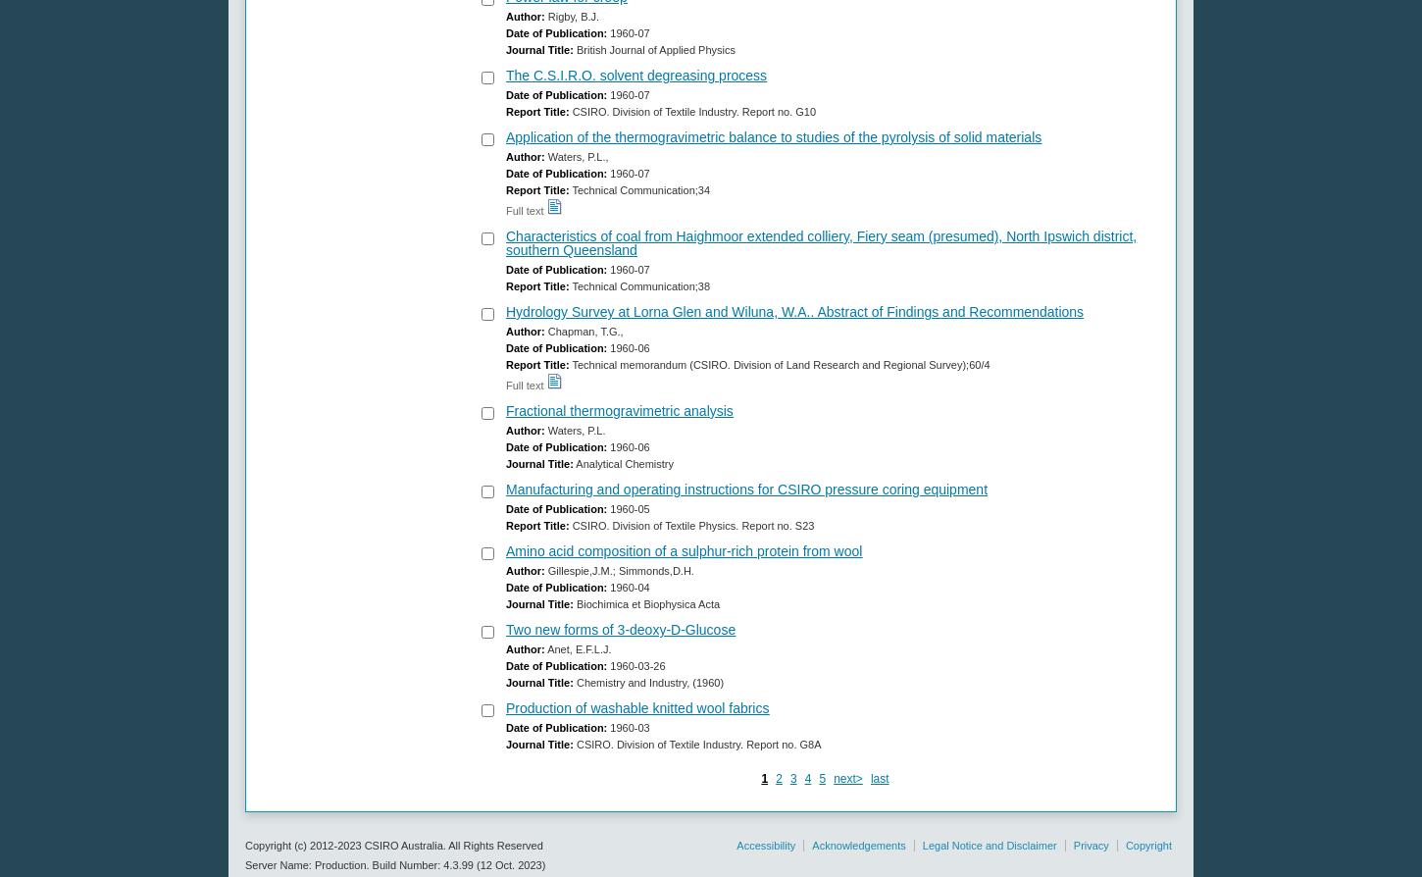 This screenshot has width=1422, height=877. What do you see at coordinates (544, 16) in the screenshot?
I see `'Rigby, B.J.'` at bounding box center [544, 16].